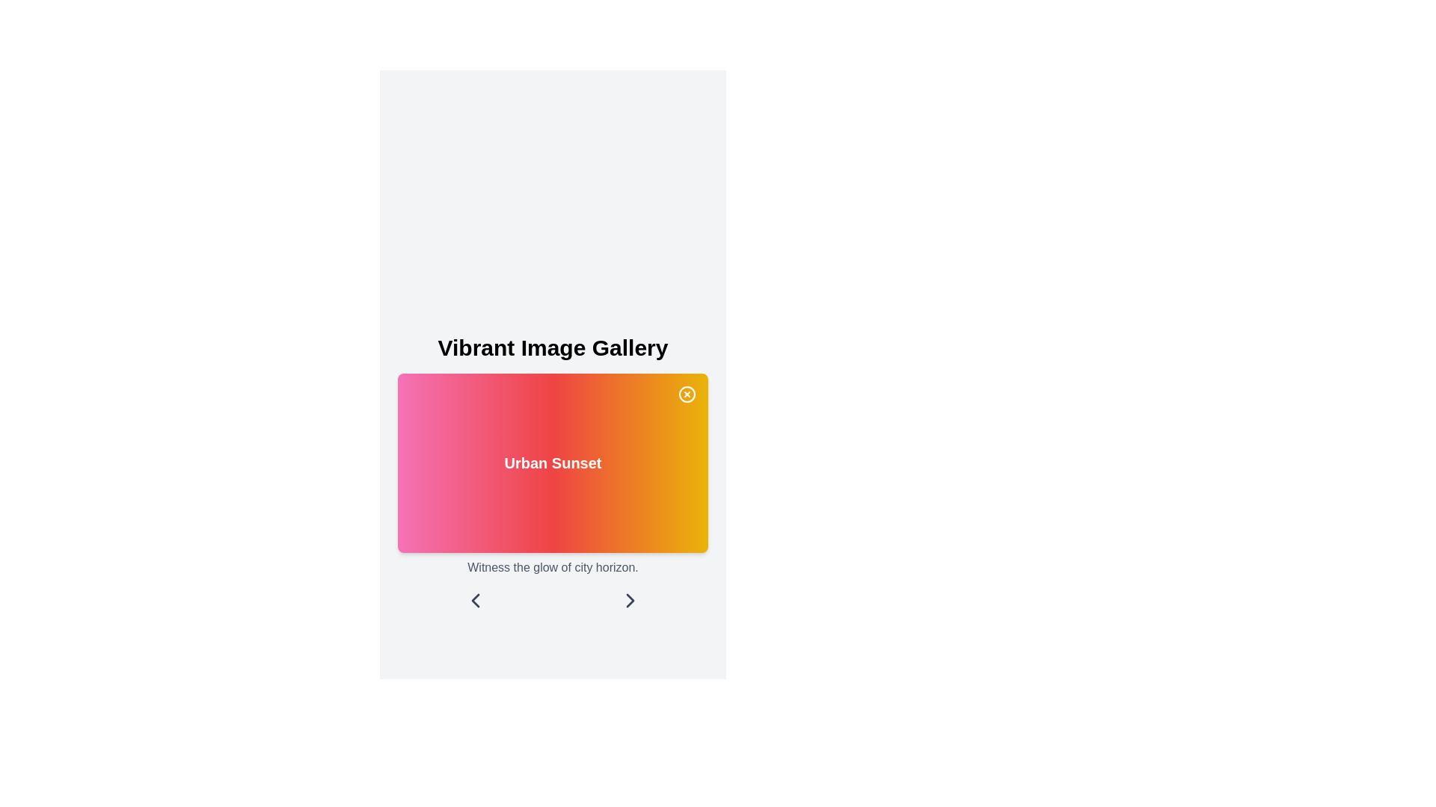 This screenshot has height=807, width=1436. I want to click on the title text element that indicates the content theme of the image gallery, located at the top of the vertical layout section, so click(552, 348).